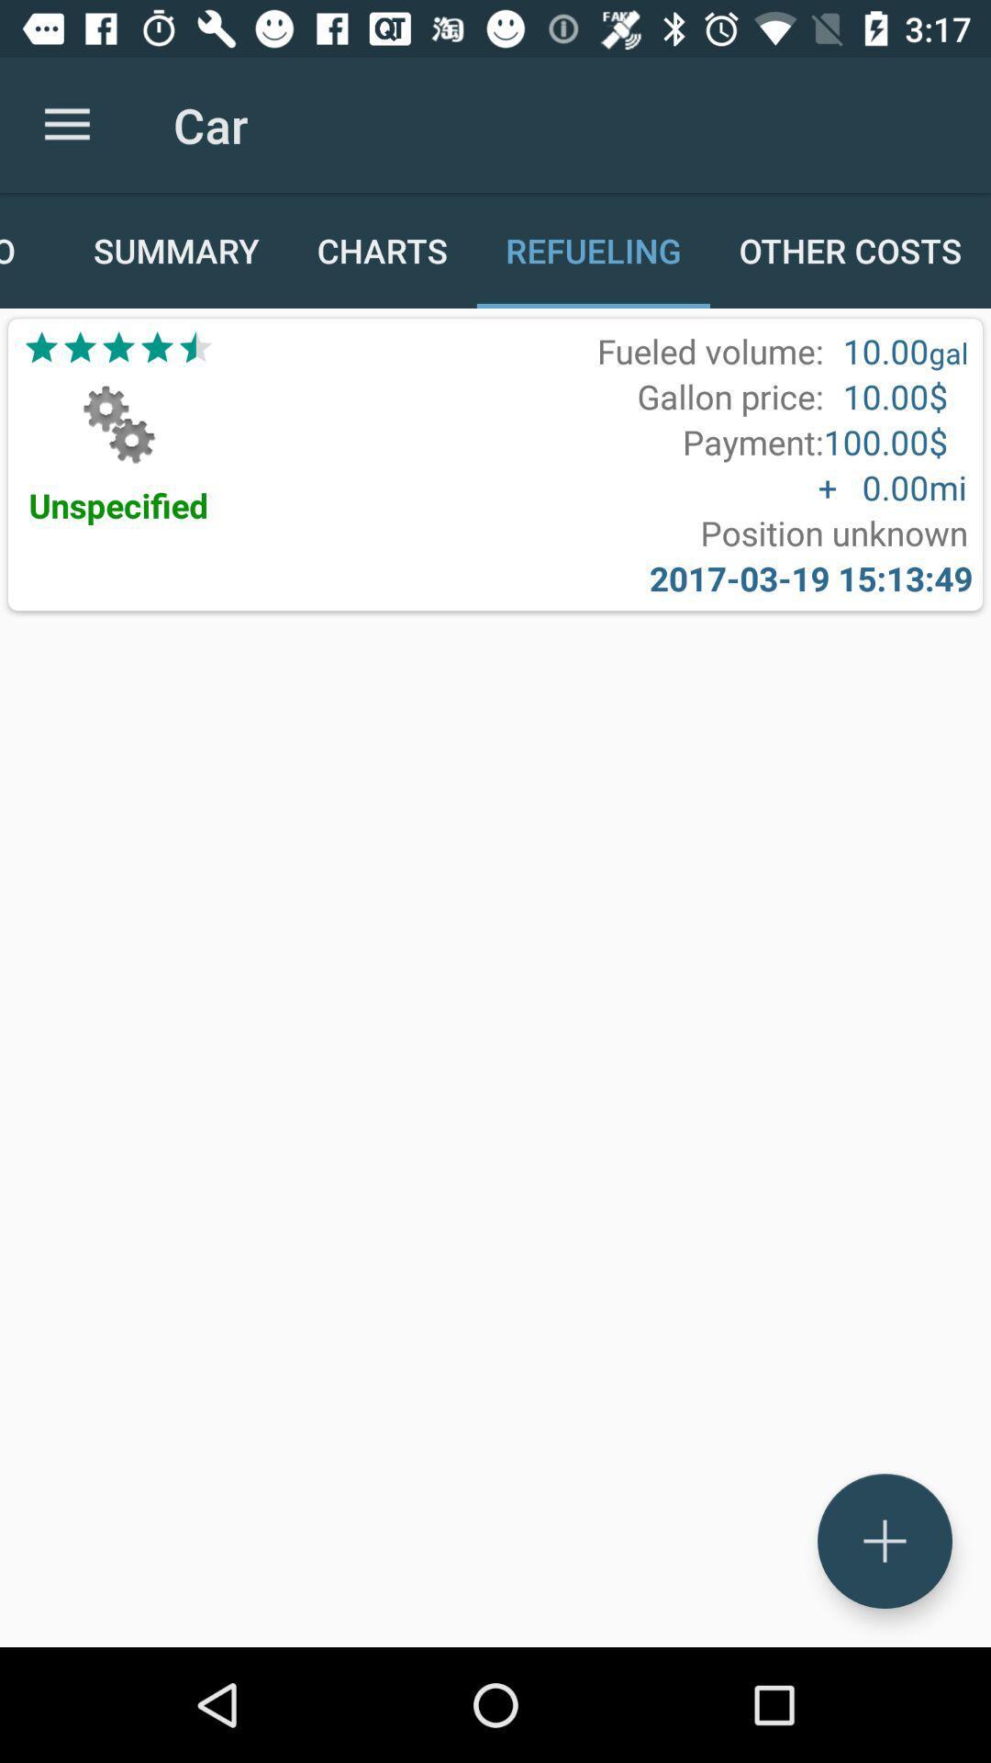  Describe the element at coordinates (729, 396) in the screenshot. I see `the item above the payment: item` at that location.